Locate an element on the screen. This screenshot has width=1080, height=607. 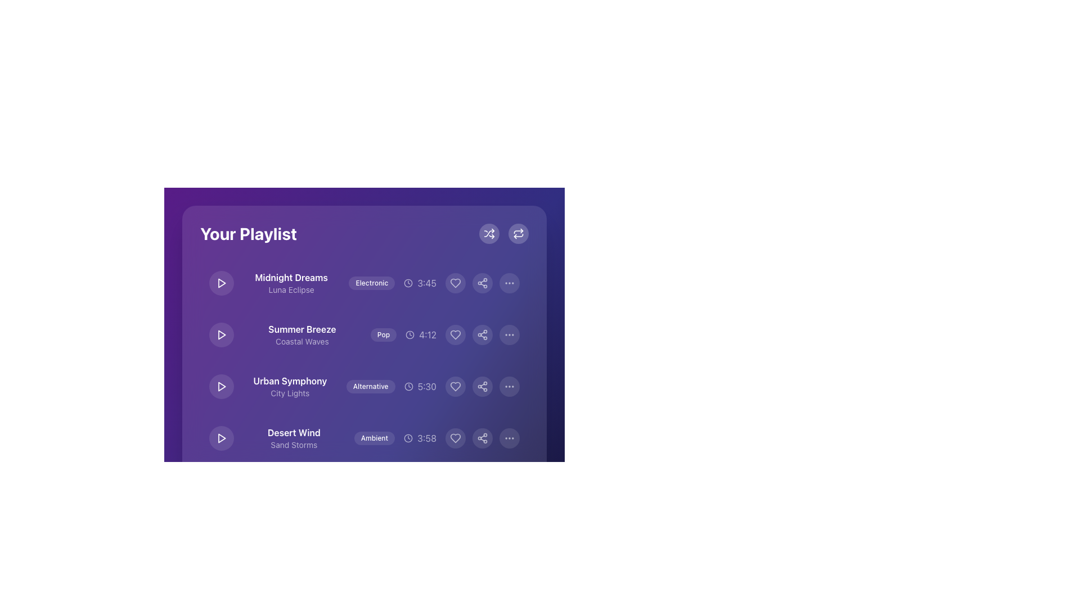
the share button icon located in the fourth row of the playlist items, positioned to the right of the song title is located at coordinates (483, 386).